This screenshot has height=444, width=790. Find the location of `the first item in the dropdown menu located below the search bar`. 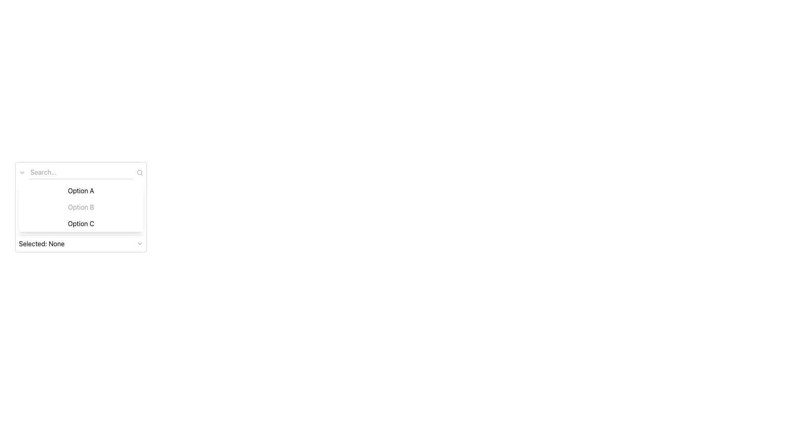

the first item in the dropdown menu located below the search bar is located at coordinates (81, 190).